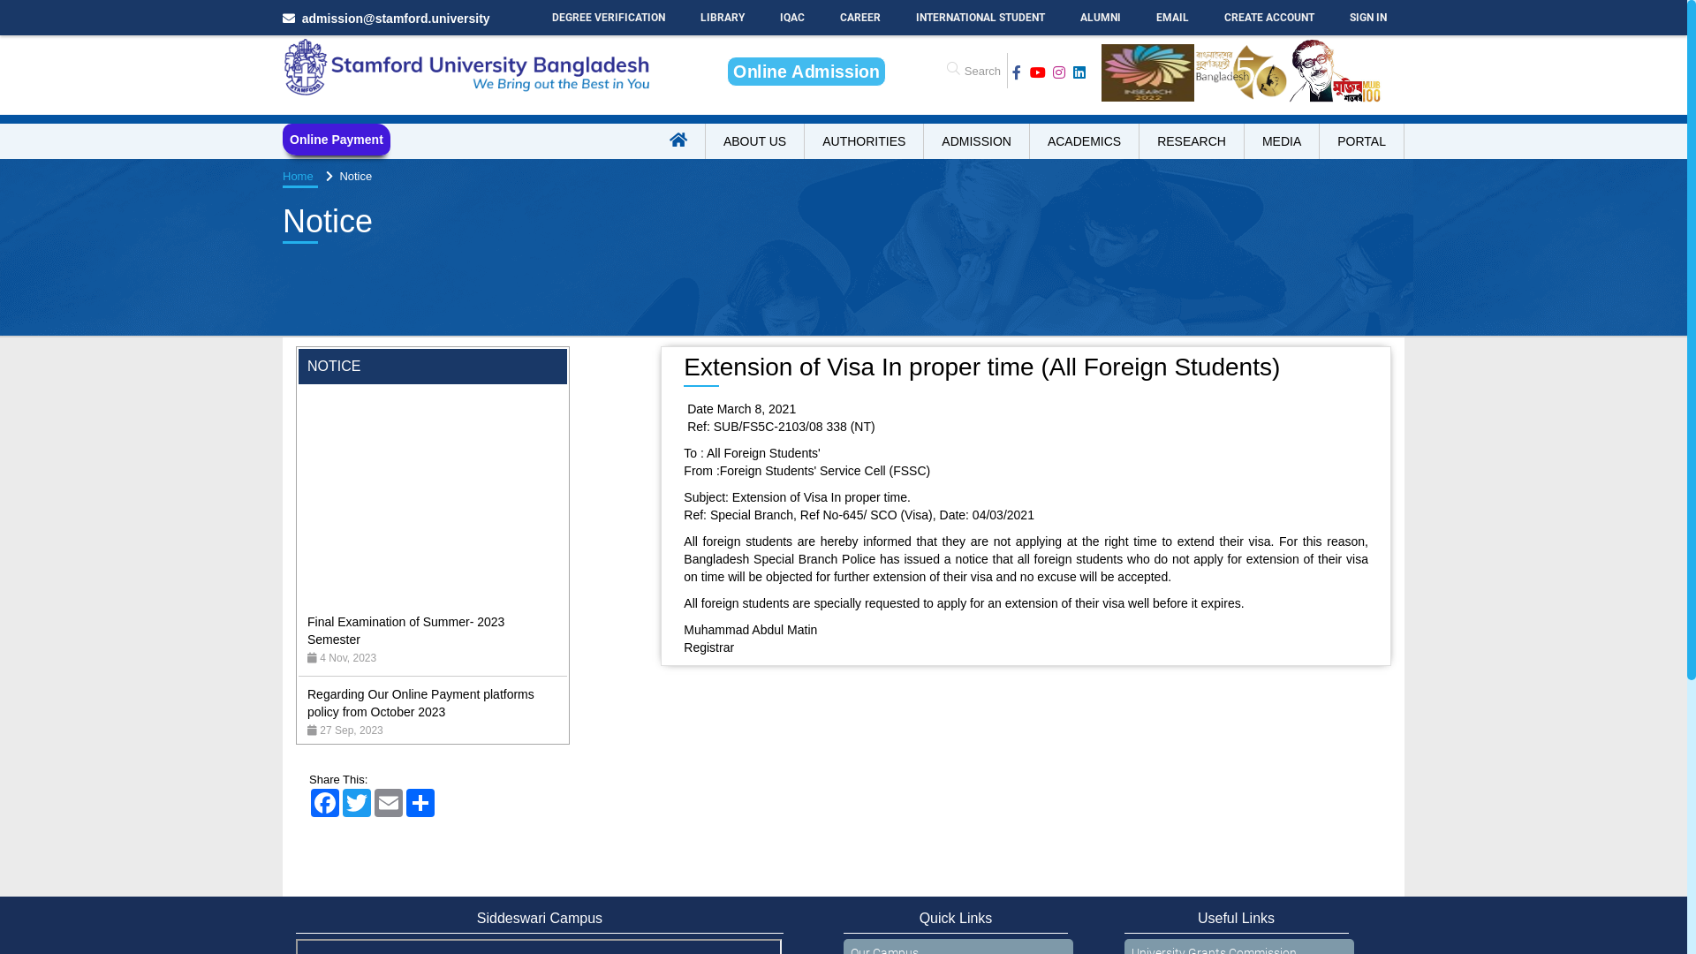 This screenshot has width=1696, height=954. I want to click on 'INTERNATIONAL STUDENT', so click(898, 17).